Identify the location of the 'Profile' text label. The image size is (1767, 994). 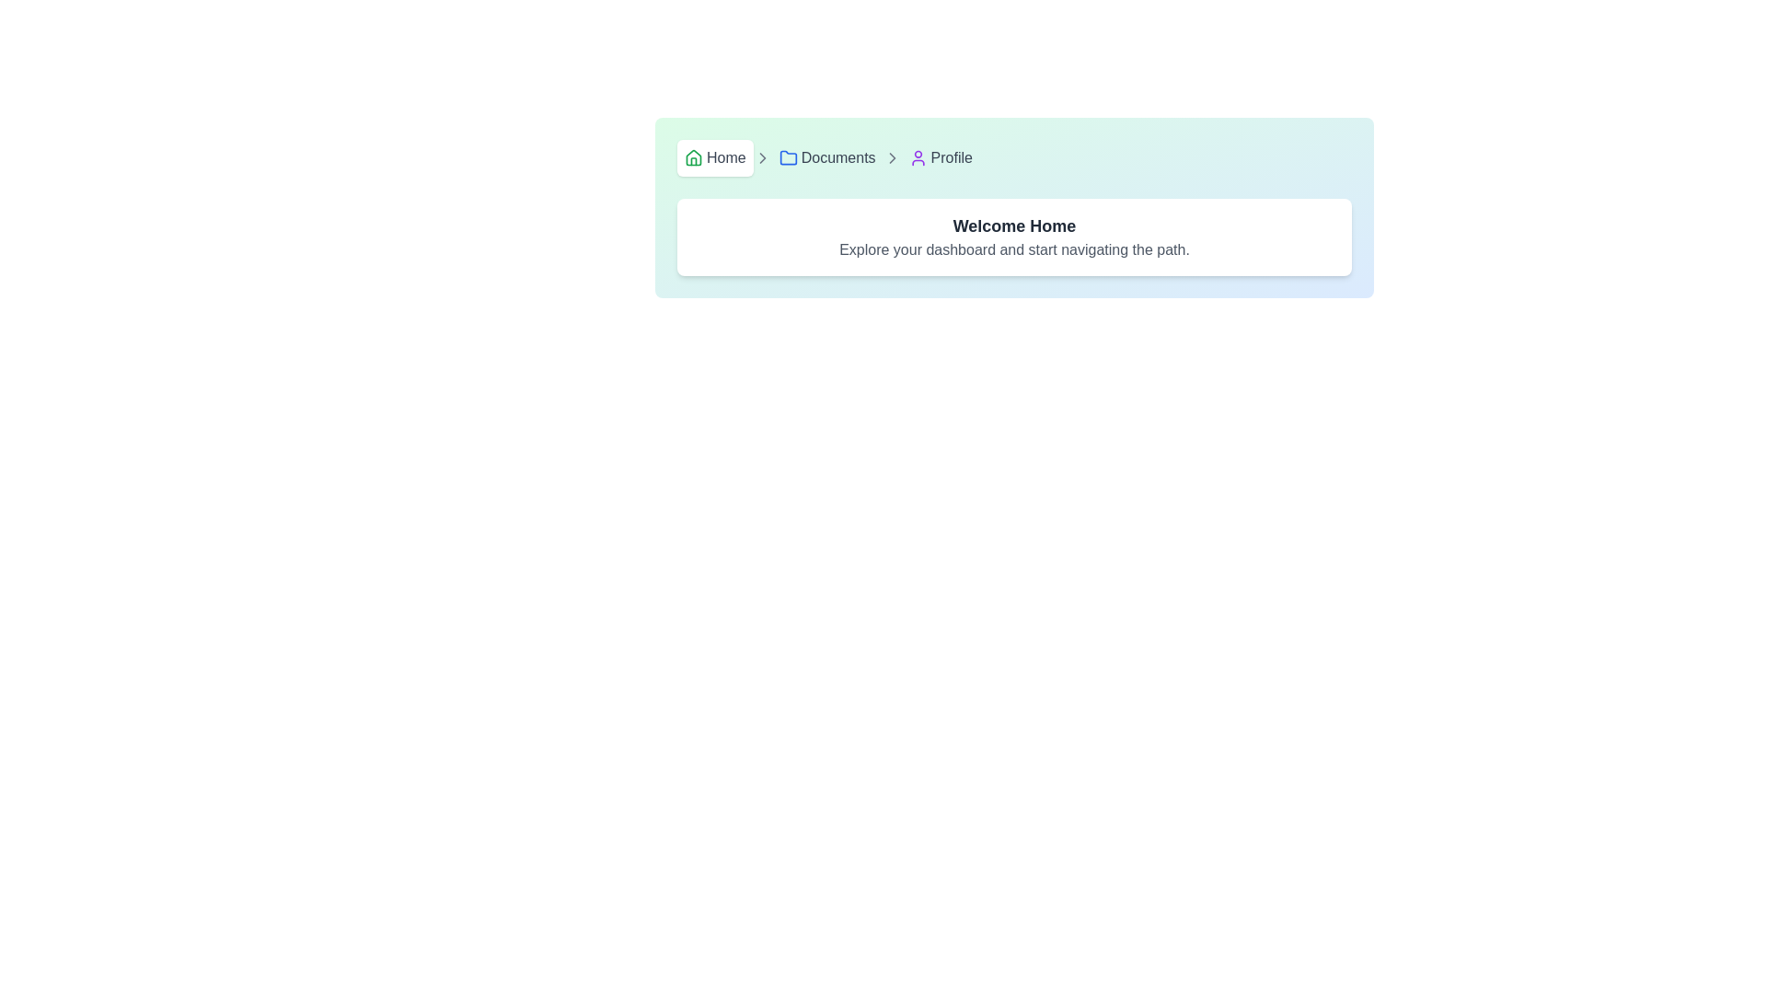
(951, 157).